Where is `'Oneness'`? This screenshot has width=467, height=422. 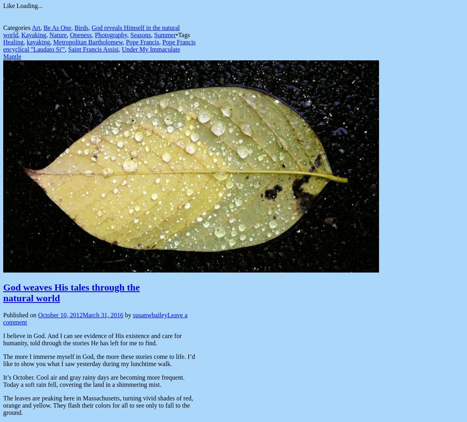 'Oneness' is located at coordinates (70, 34).